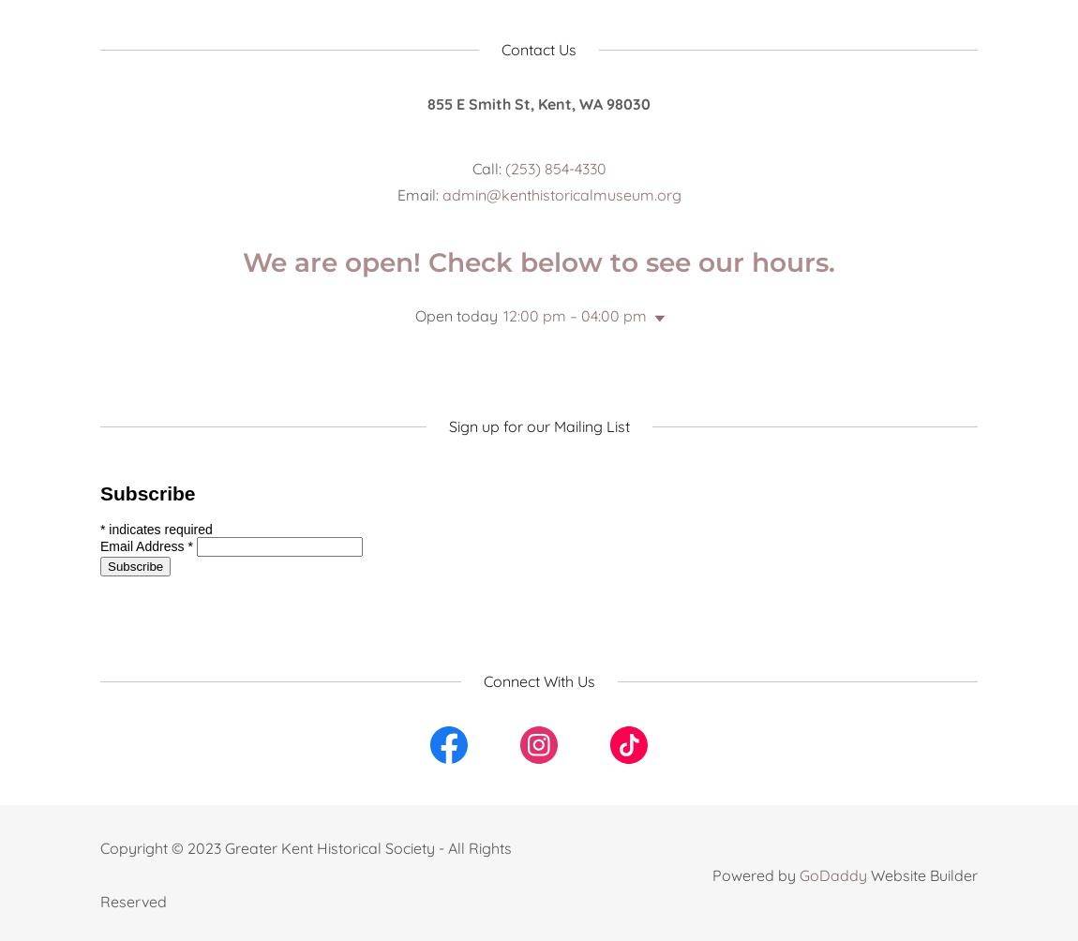  What do you see at coordinates (538, 680) in the screenshot?
I see `'Connect With Us'` at bounding box center [538, 680].